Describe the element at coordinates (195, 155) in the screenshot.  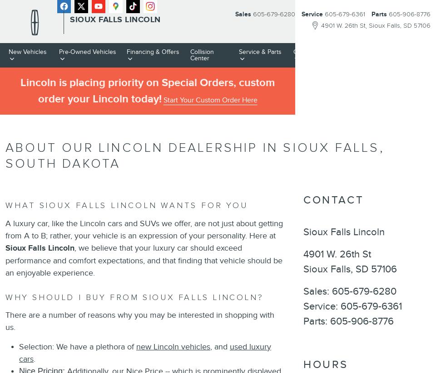
I see `'About Our Lincoln Dealership in Sioux Falls, South Dakota'` at that location.